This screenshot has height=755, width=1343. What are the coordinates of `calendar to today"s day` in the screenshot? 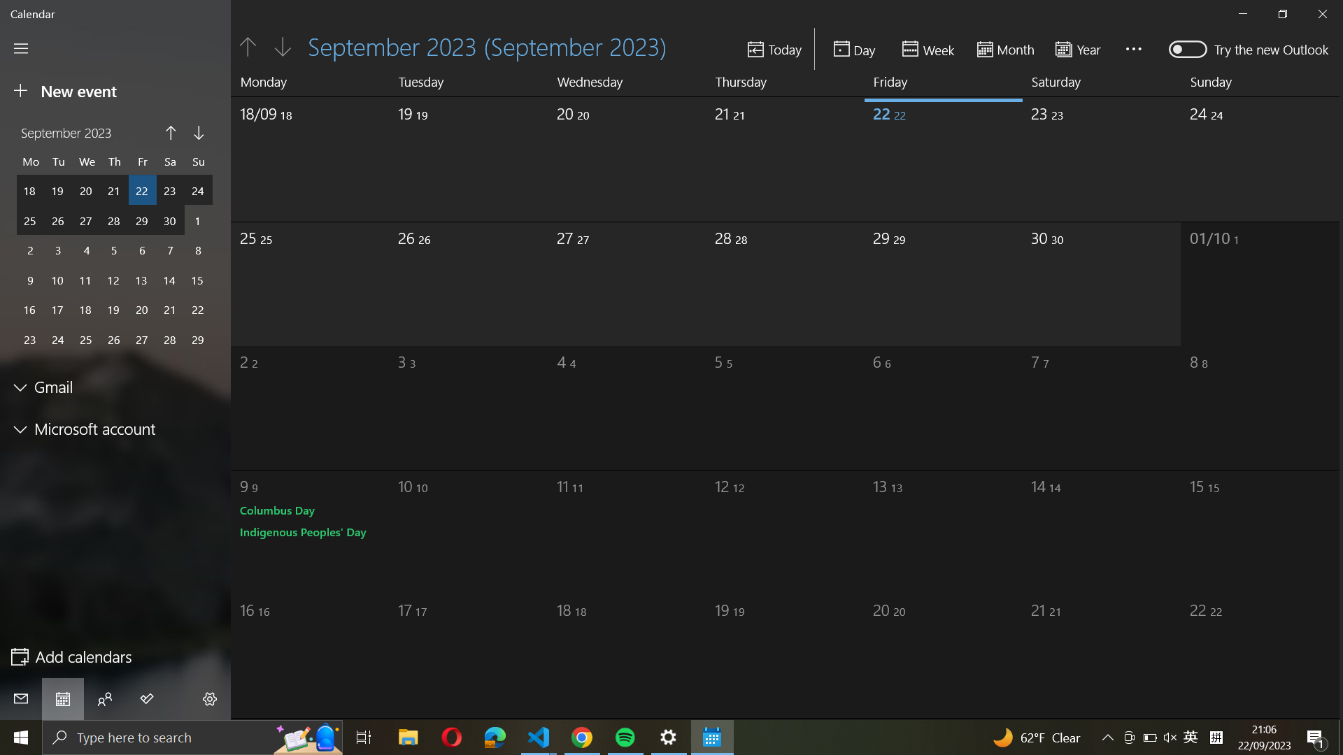 It's located at (774, 48).